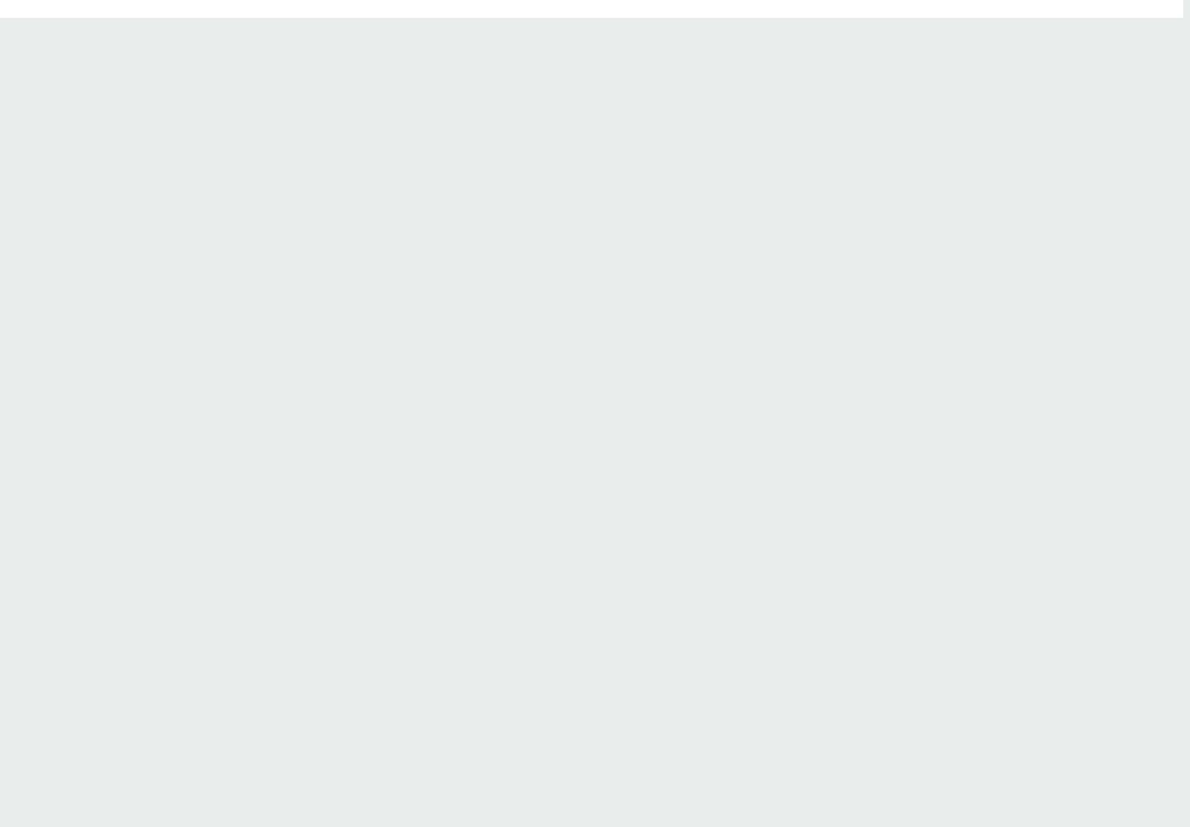 Image resolution: width=1190 pixels, height=827 pixels. I want to click on 'fetish', so click(201, 306).